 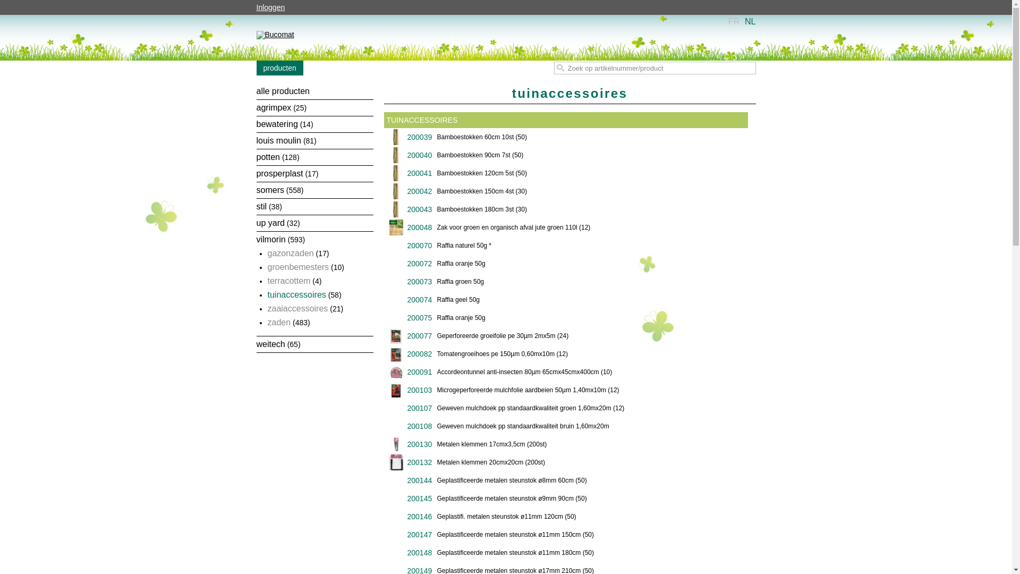 I want to click on '200070 raffia naturel 50g *', so click(x=386, y=246).